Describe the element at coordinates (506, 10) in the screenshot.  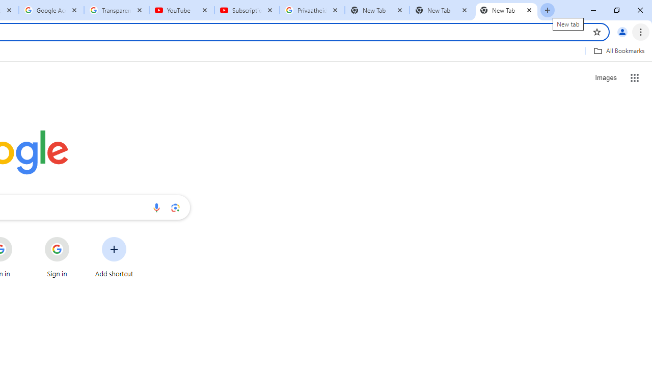
I see `'New Tab'` at that location.